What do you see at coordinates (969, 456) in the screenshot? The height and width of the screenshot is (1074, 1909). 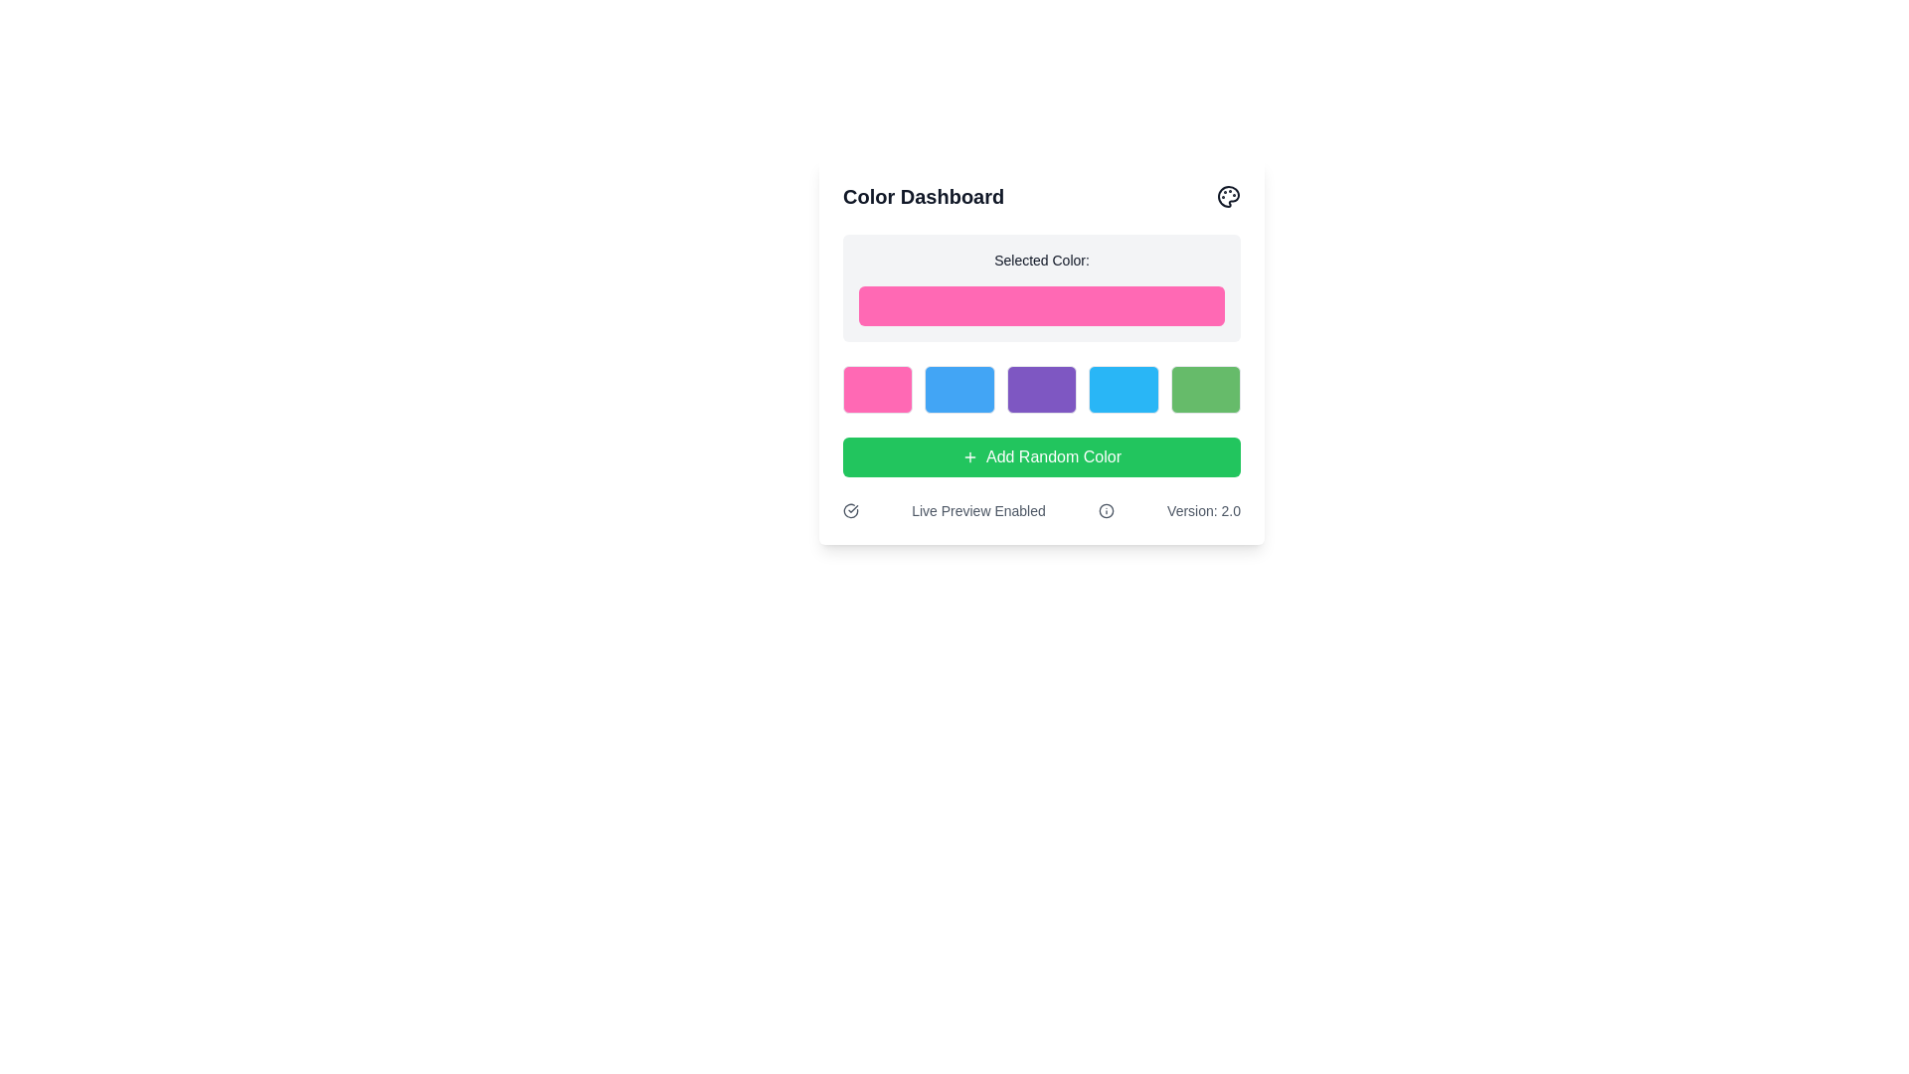 I see `the small, centered icon with a plus symbol located within the bright green button labeled 'Add Random Color'` at bounding box center [969, 456].